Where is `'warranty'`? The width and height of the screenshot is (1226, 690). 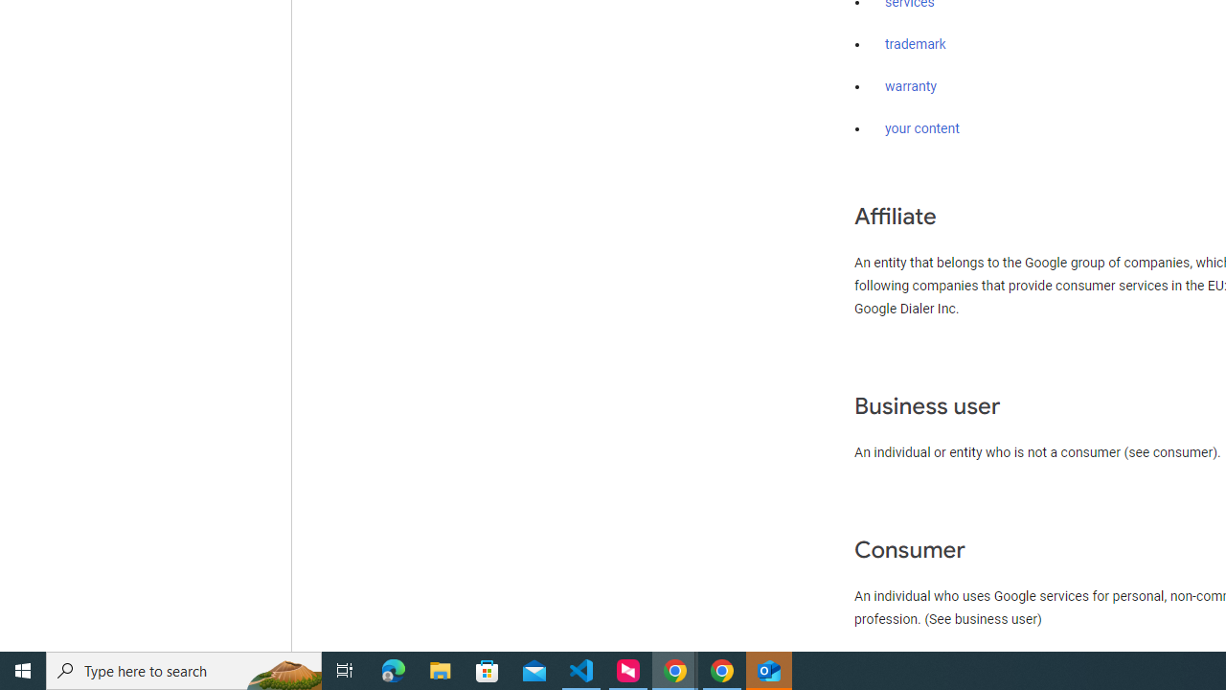
'warranty' is located at coordinates (910, 87).